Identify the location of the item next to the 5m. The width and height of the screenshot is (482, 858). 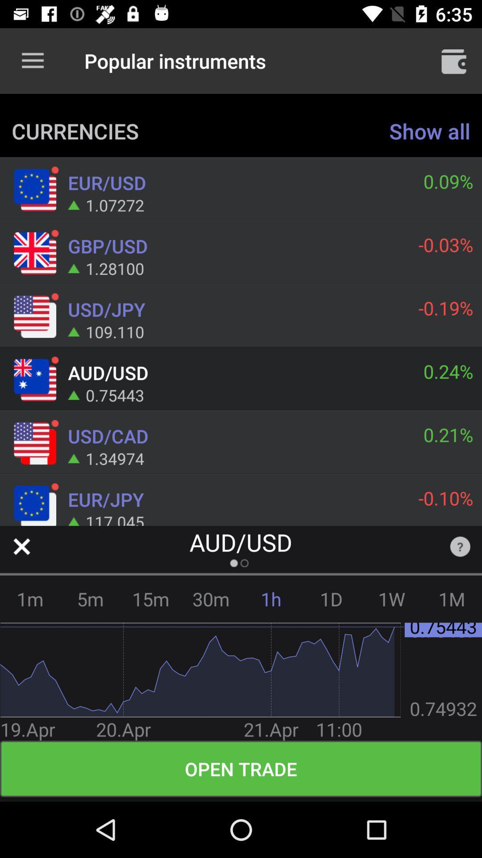
(150, 599).